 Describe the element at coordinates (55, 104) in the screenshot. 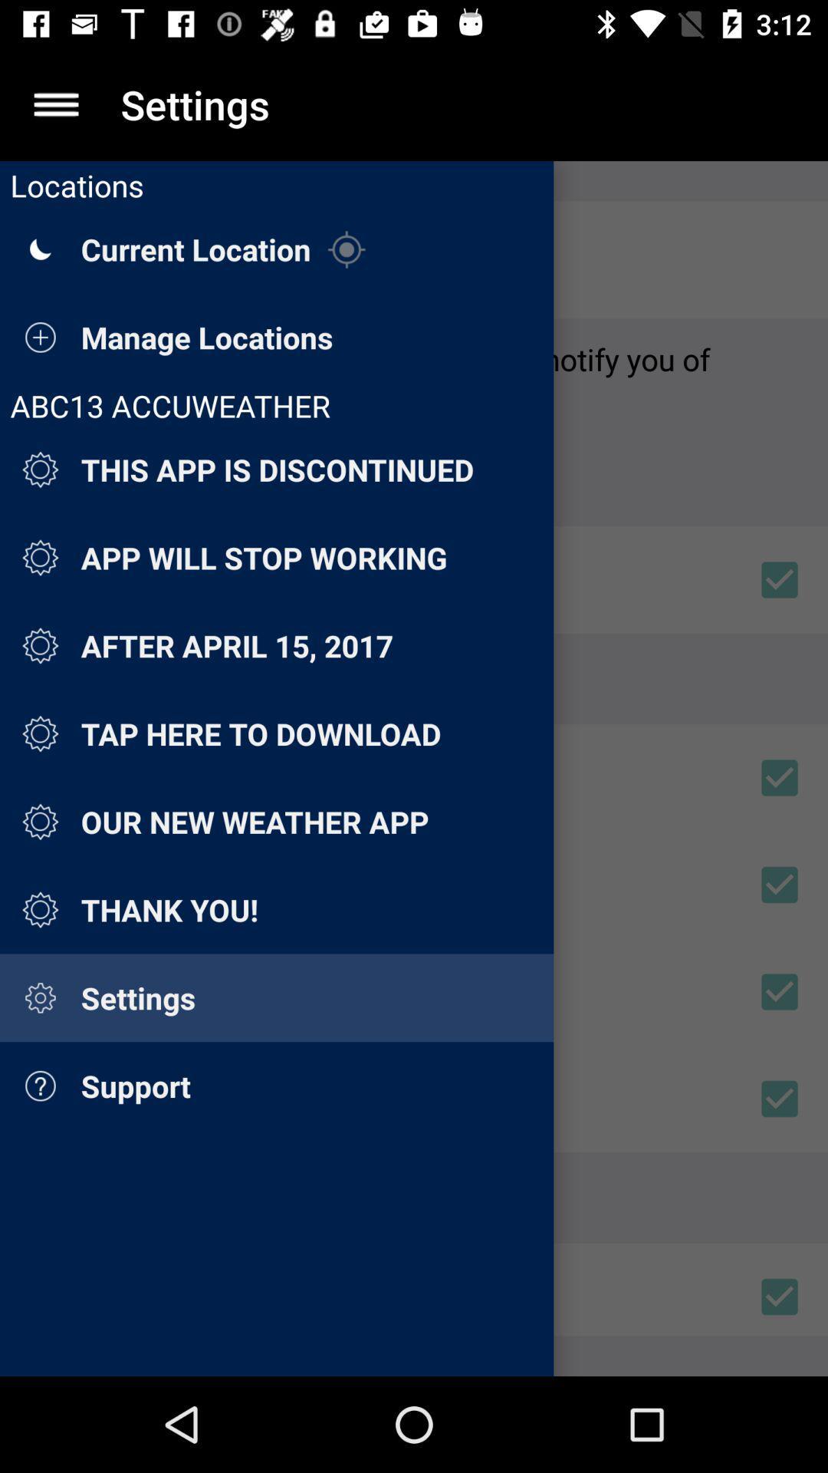

I see `the menu icon` at that location.